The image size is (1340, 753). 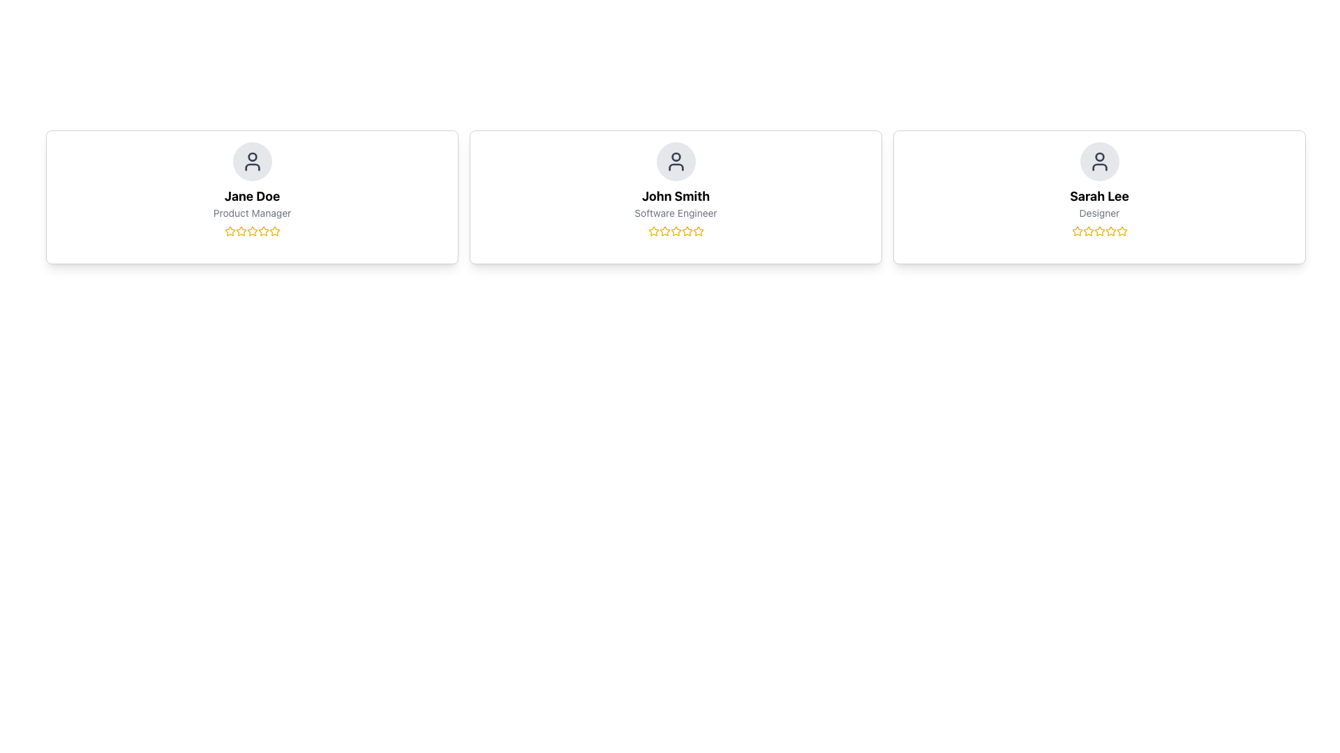 What do you see at coordinates (1110, 230) in the screenshot?
I see `the fifth star-shaped icon with a golden yellow outline in the rating system below 'Sarah Lee' to provide a rating` at bounding box center [1110, 230].